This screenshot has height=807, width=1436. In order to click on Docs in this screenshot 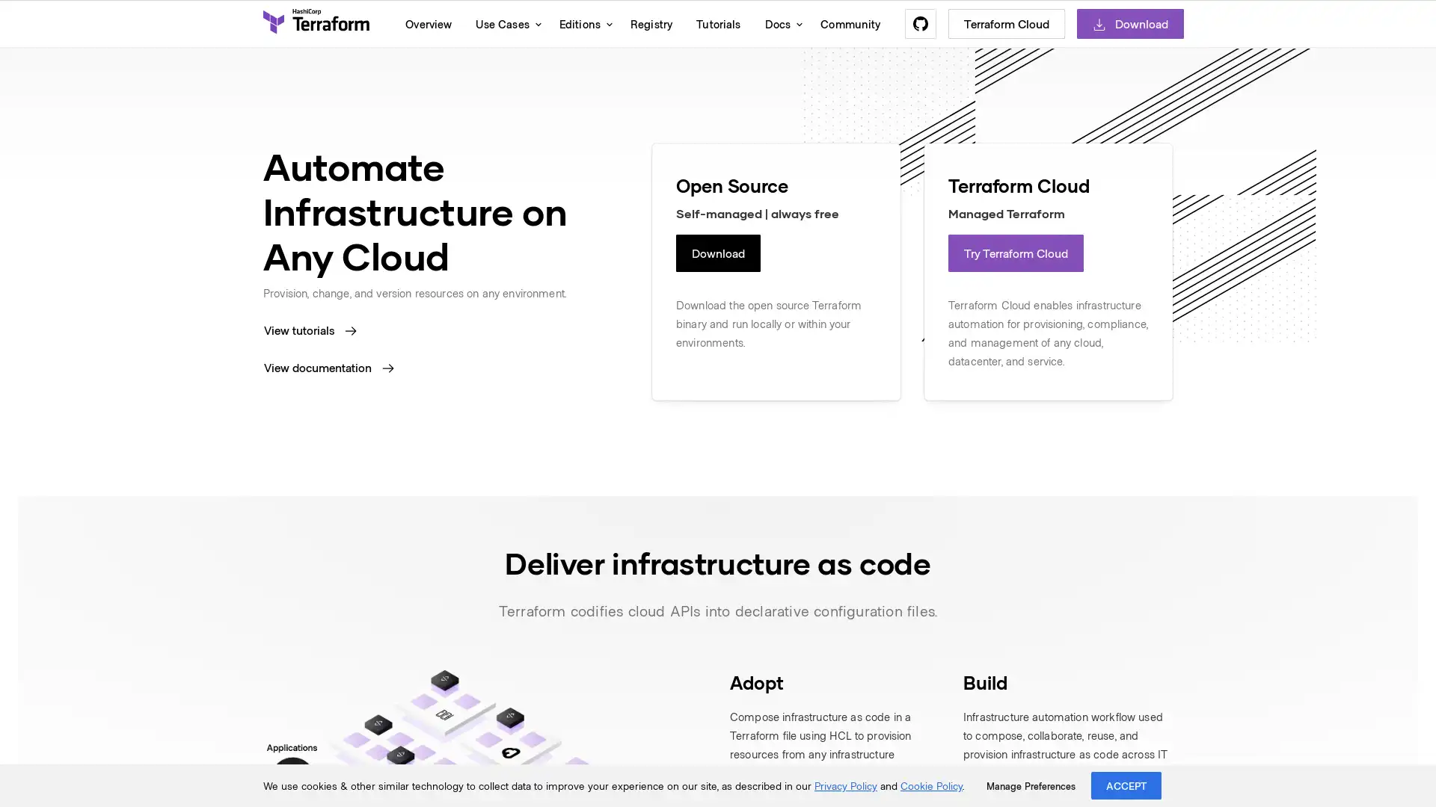, I will do `click(779, 23)`.